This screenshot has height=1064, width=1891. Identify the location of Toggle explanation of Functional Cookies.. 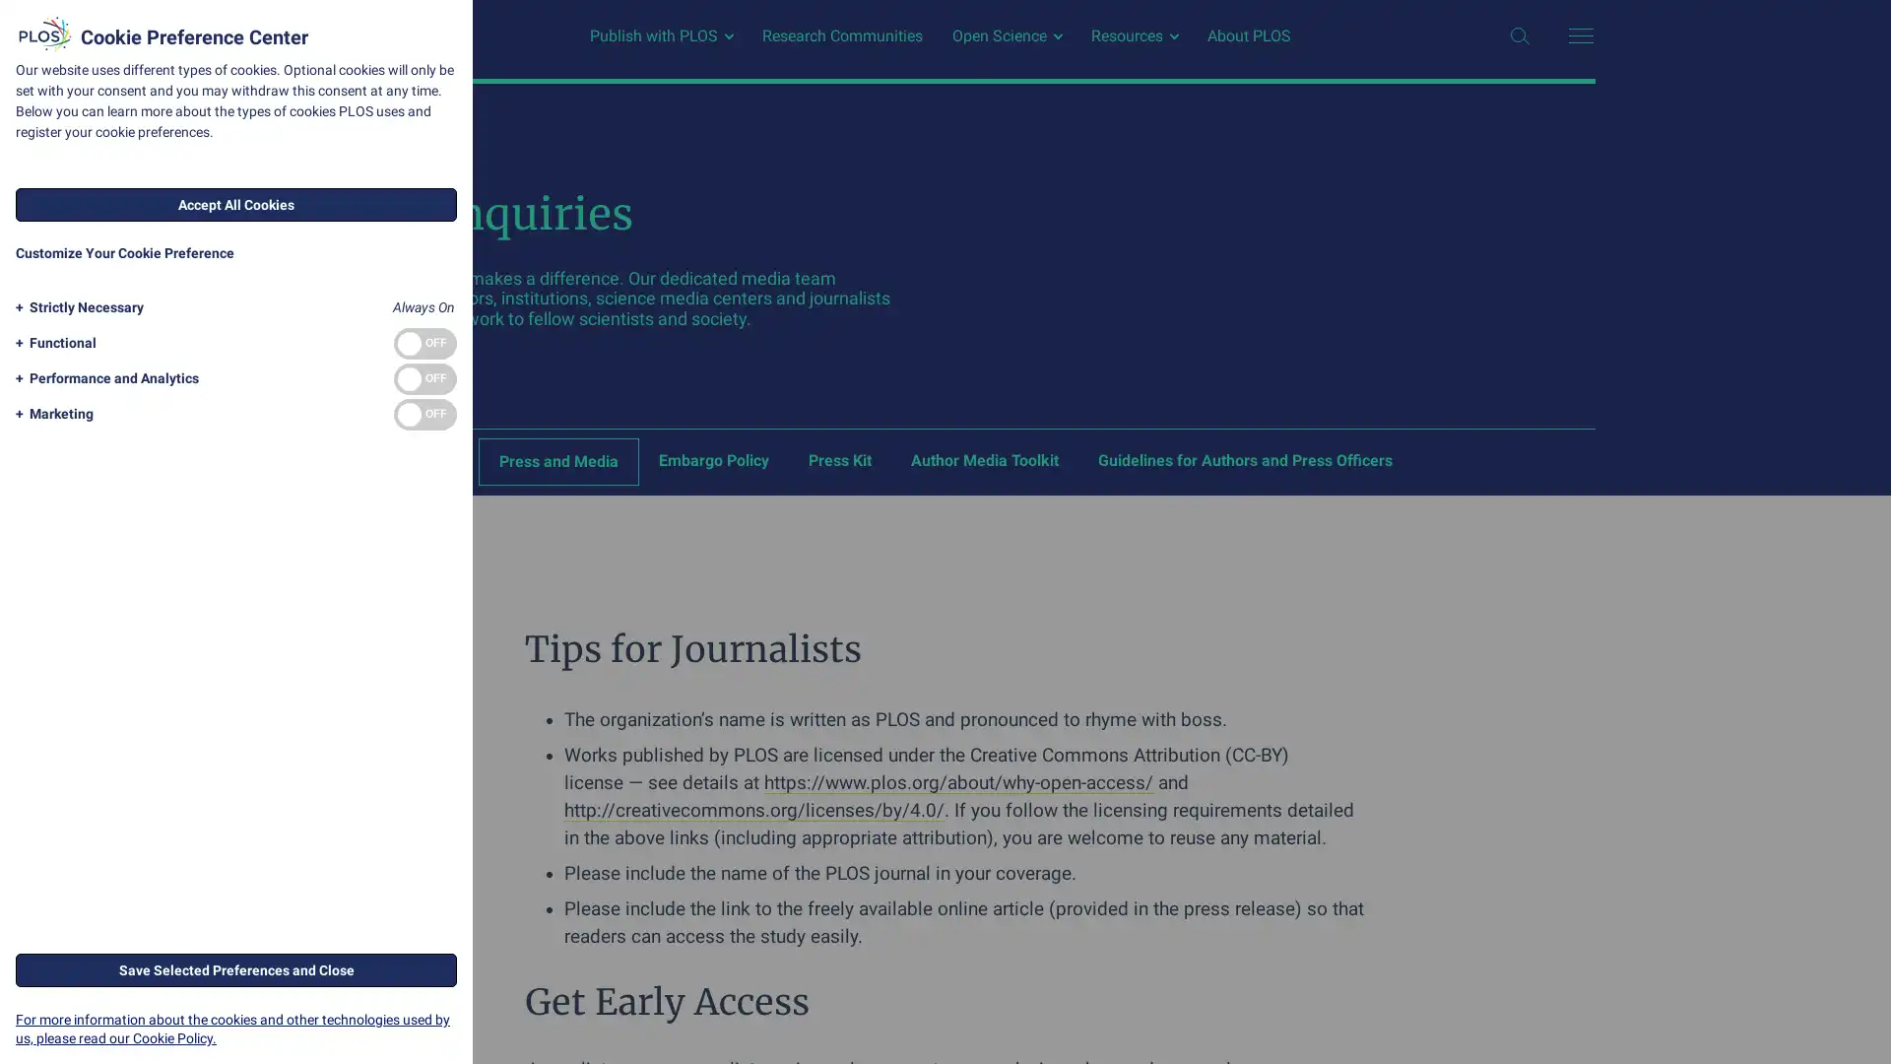
(52, 342).